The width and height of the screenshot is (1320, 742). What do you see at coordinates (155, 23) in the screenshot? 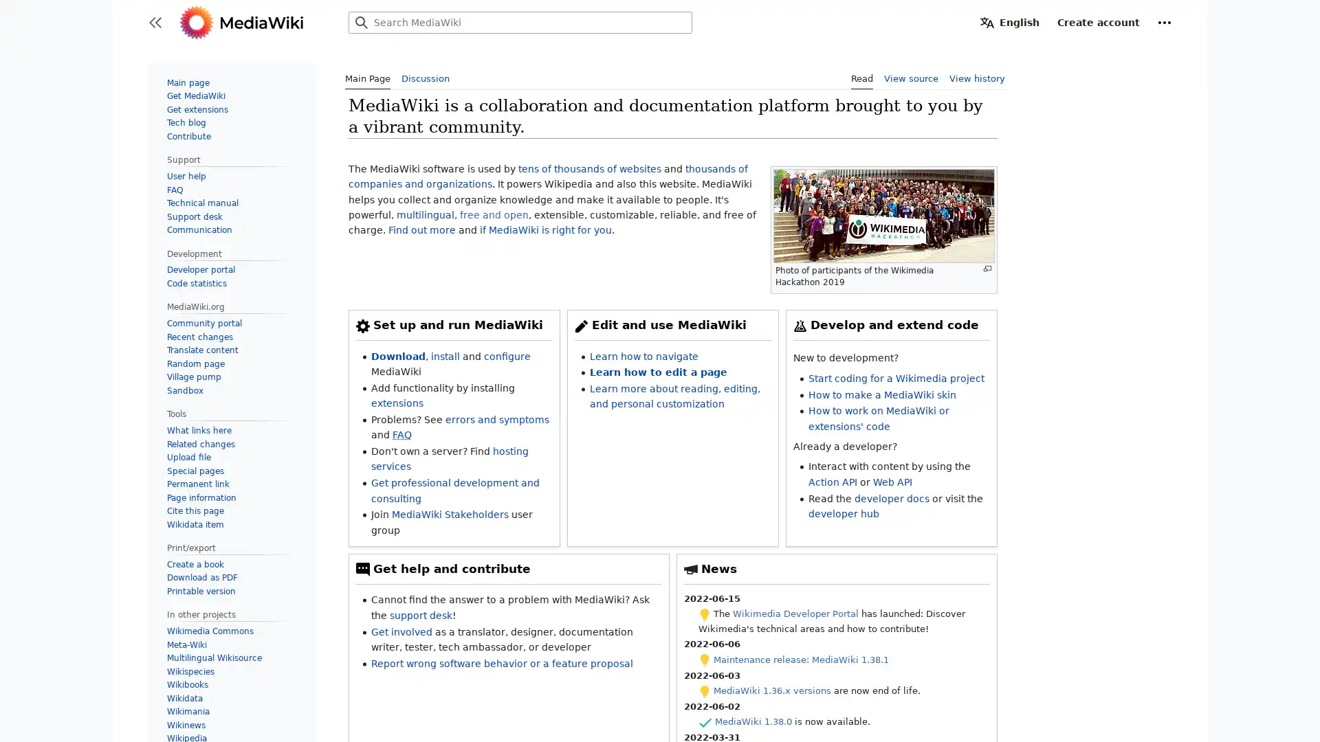
I see `Toggle sidebar` at bounding box center [155, 23].